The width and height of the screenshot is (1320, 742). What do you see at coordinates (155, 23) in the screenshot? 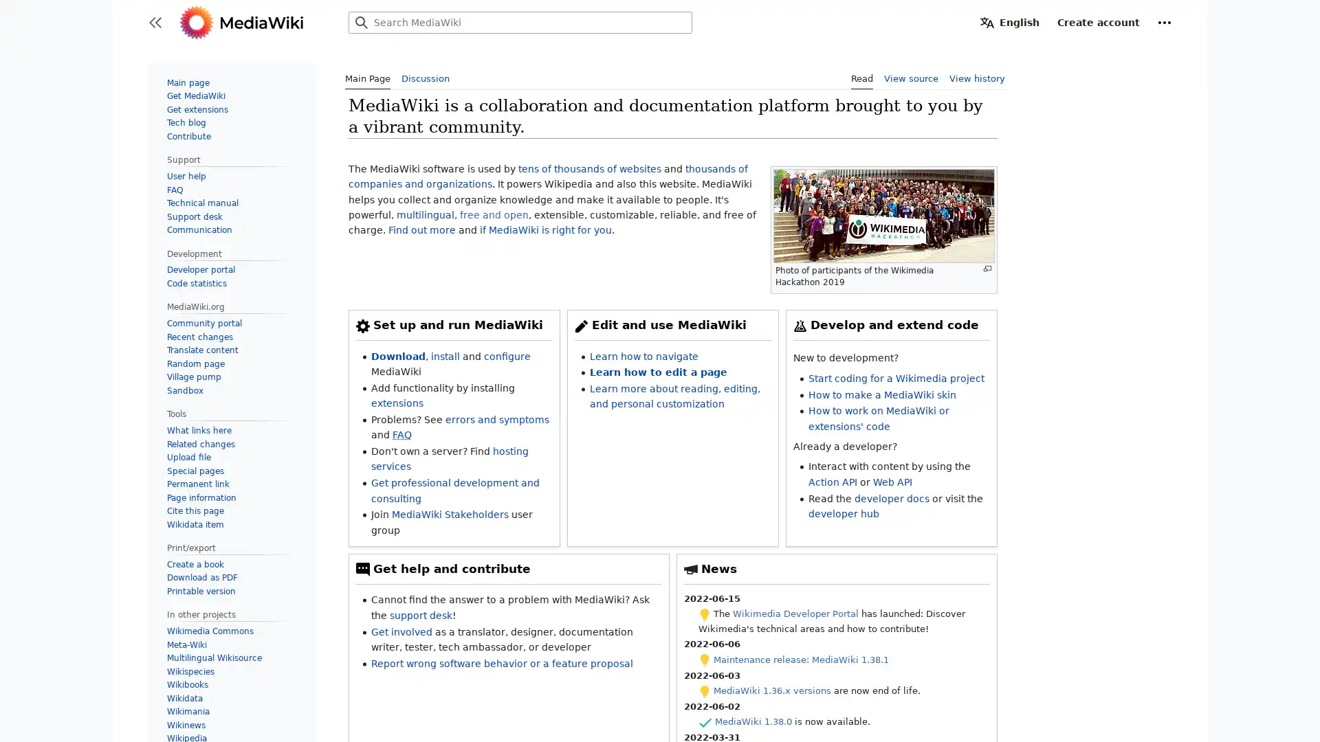
I see `Toggle sidebar` at bounding box center [155, 23].